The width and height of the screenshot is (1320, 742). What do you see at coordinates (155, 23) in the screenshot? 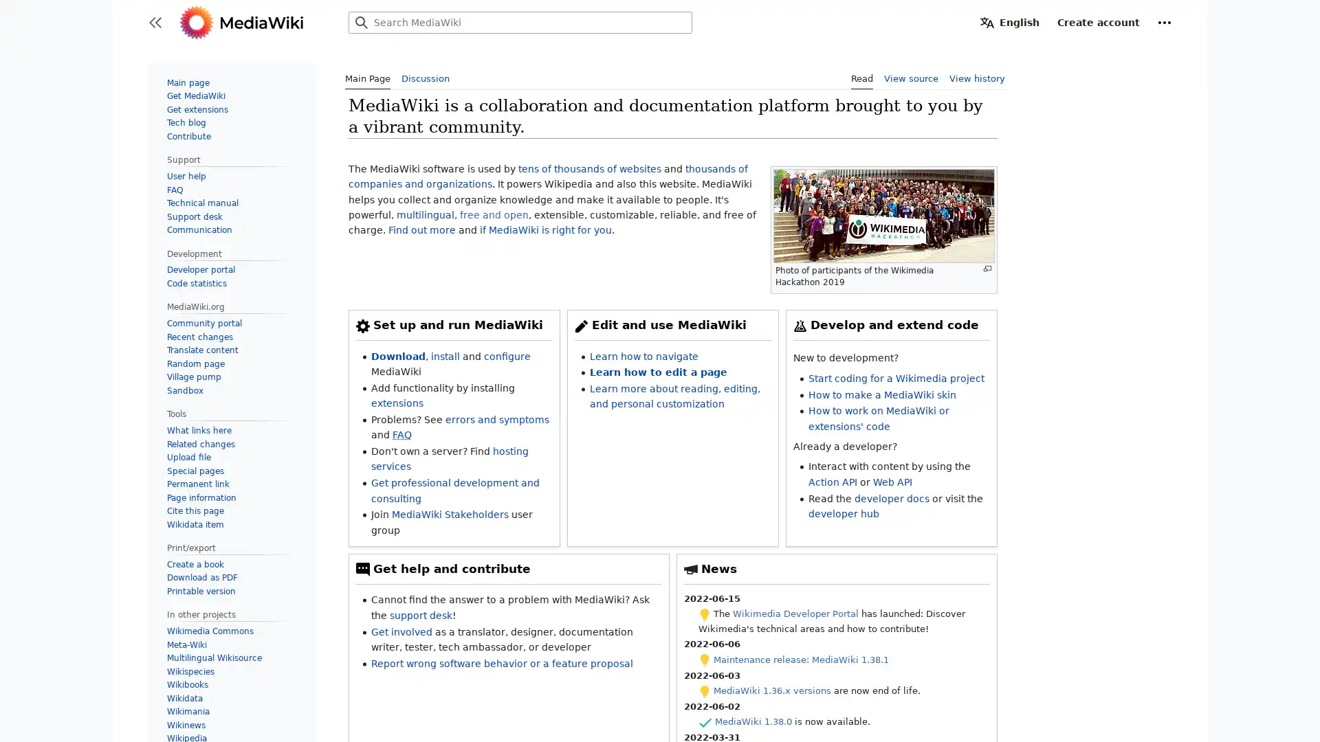
I see `Toggle sidebar` at bounding box center [155, 23].